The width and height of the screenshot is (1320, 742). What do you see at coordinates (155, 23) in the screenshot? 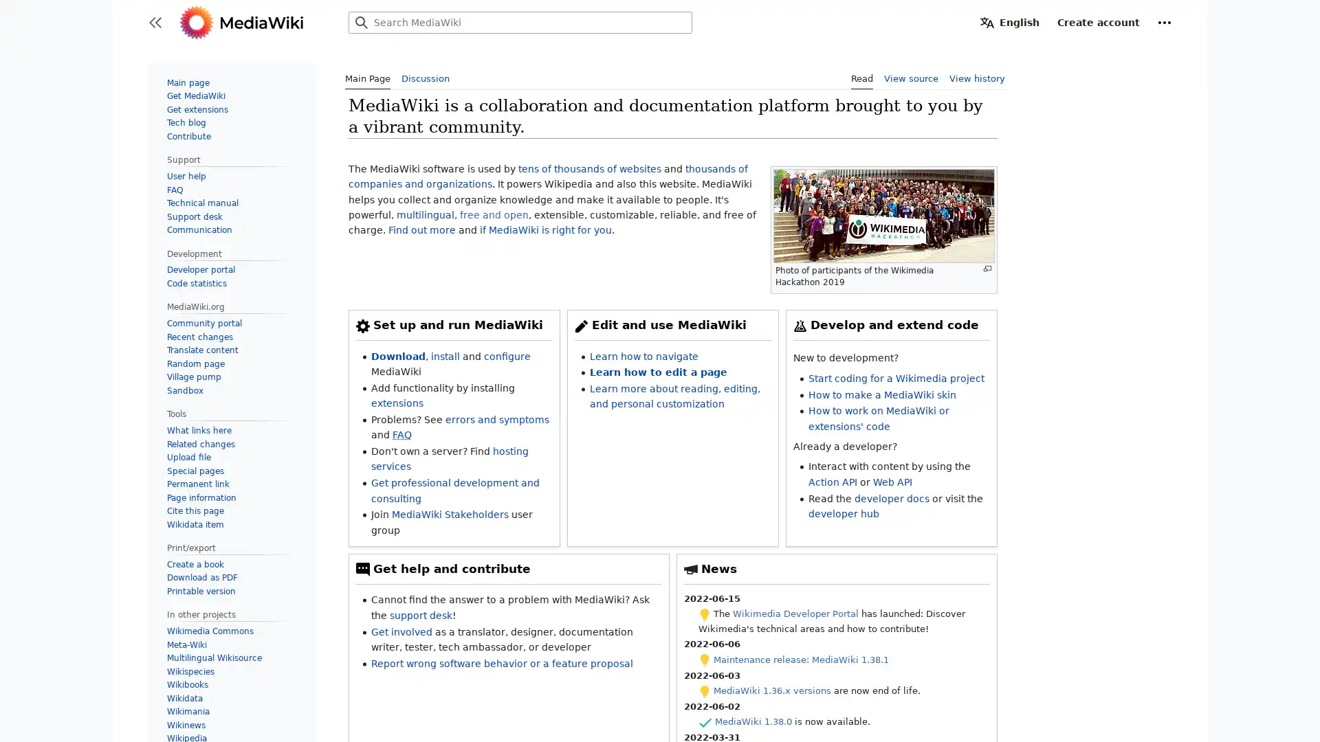
I see `Toggle sidebar` at bounding box center [155, 23].